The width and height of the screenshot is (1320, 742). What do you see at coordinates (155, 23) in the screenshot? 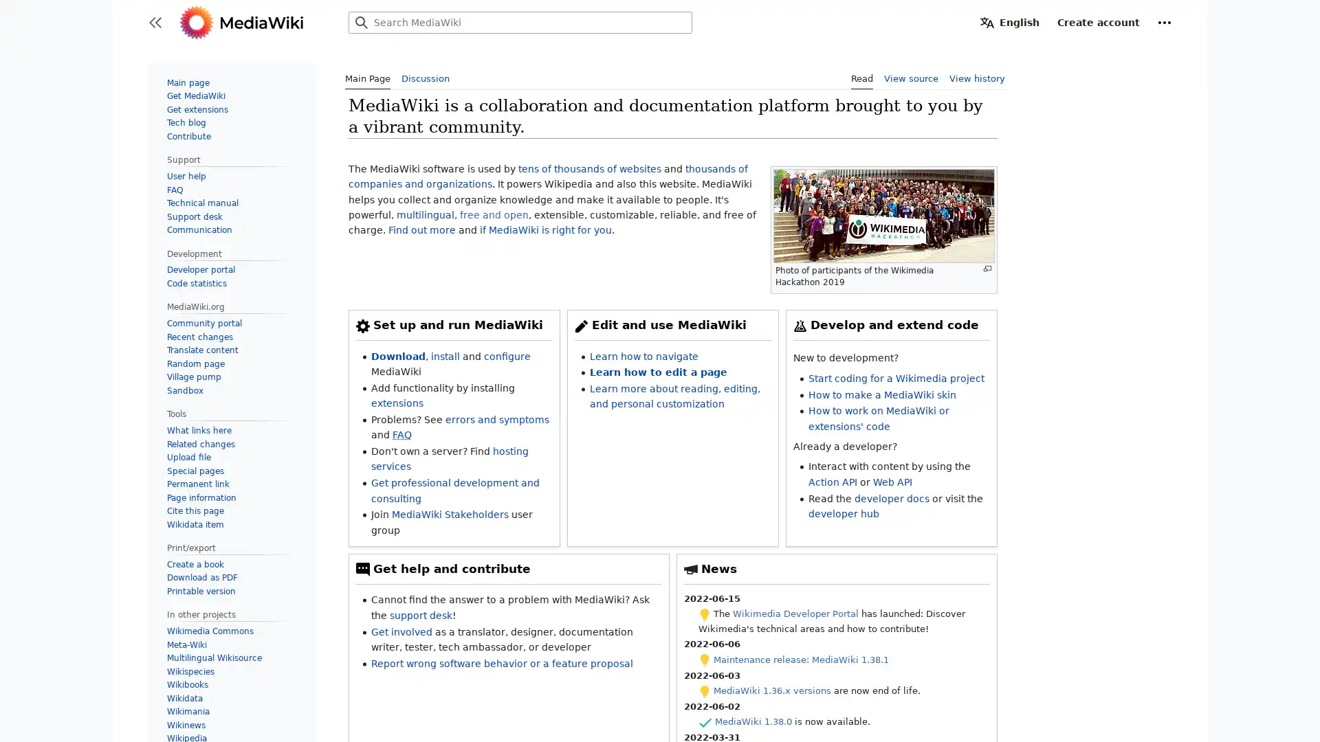
I see `Toggle sidebar` at bounding box center [155, 23].